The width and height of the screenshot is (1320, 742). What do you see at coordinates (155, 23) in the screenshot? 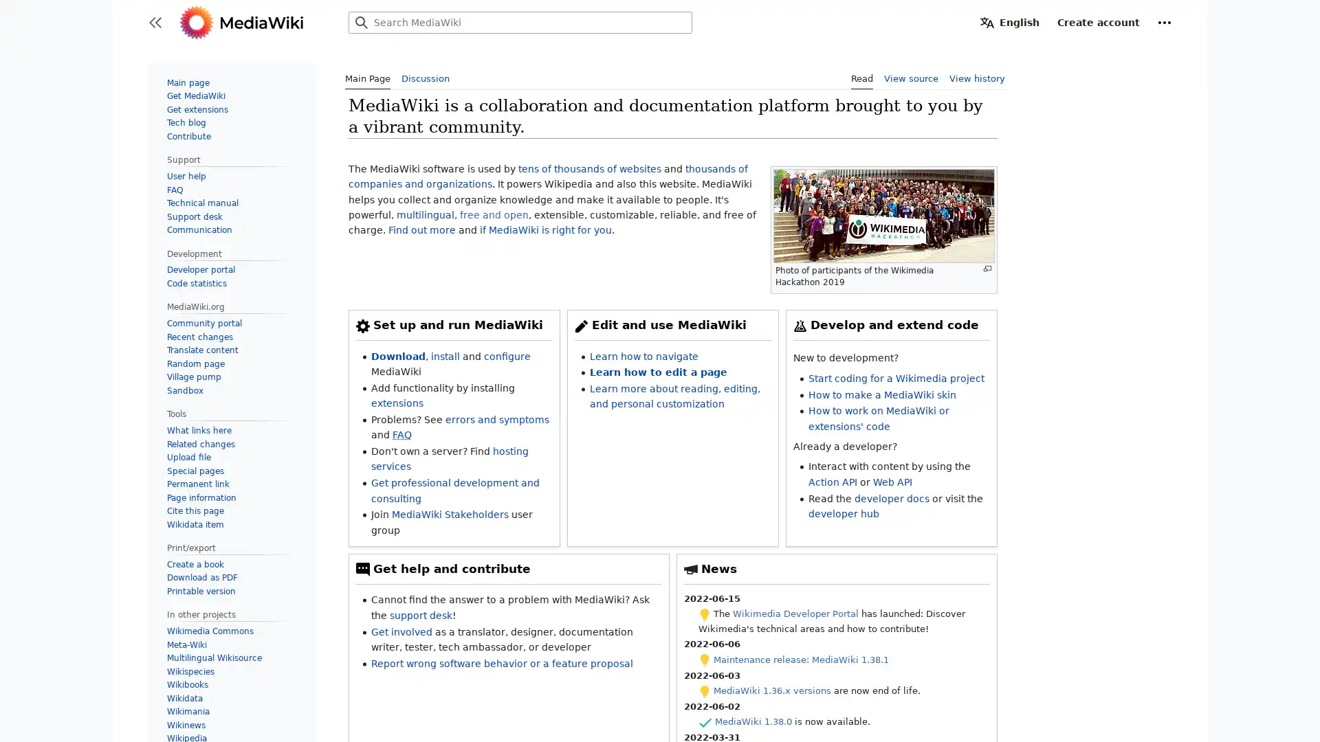
I see `Toggle sidebar` at bounding box center [155, 23].